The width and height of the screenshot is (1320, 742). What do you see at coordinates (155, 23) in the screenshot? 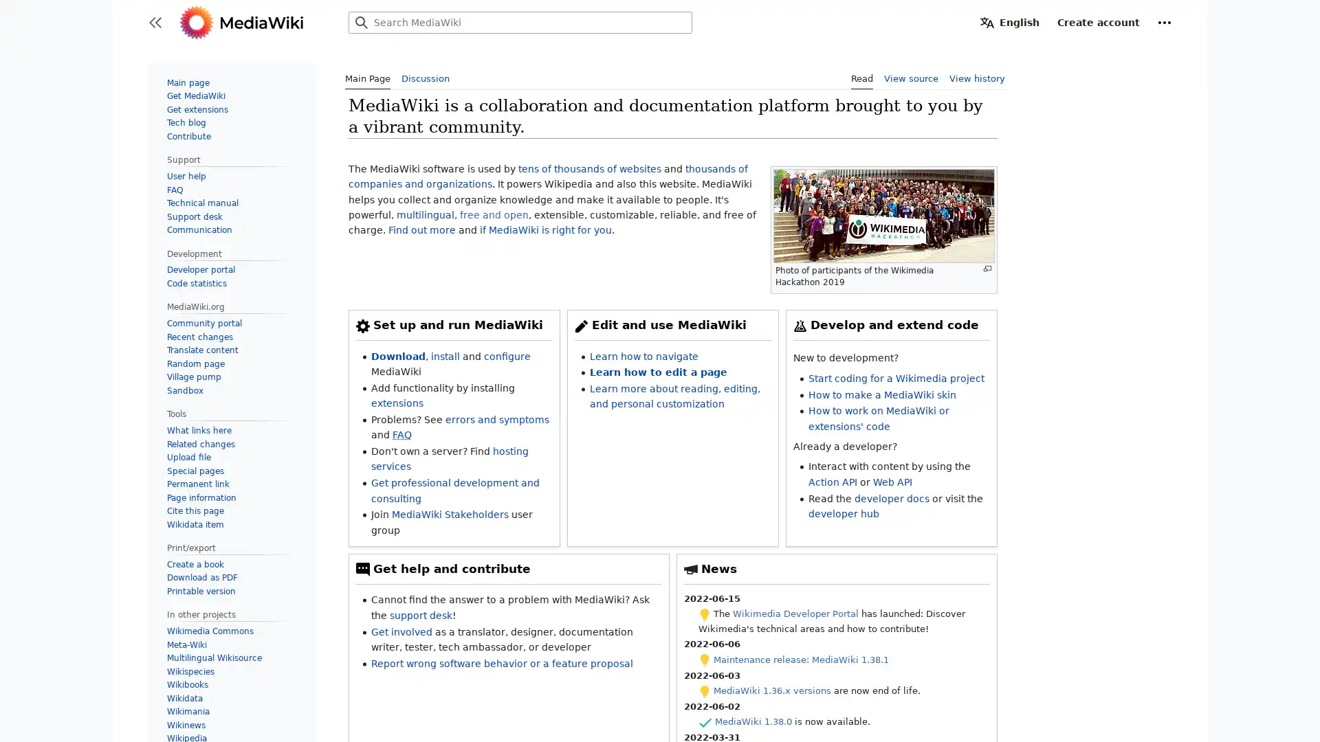
I see `Toggle sidebar` at bounding box center [155, 23].